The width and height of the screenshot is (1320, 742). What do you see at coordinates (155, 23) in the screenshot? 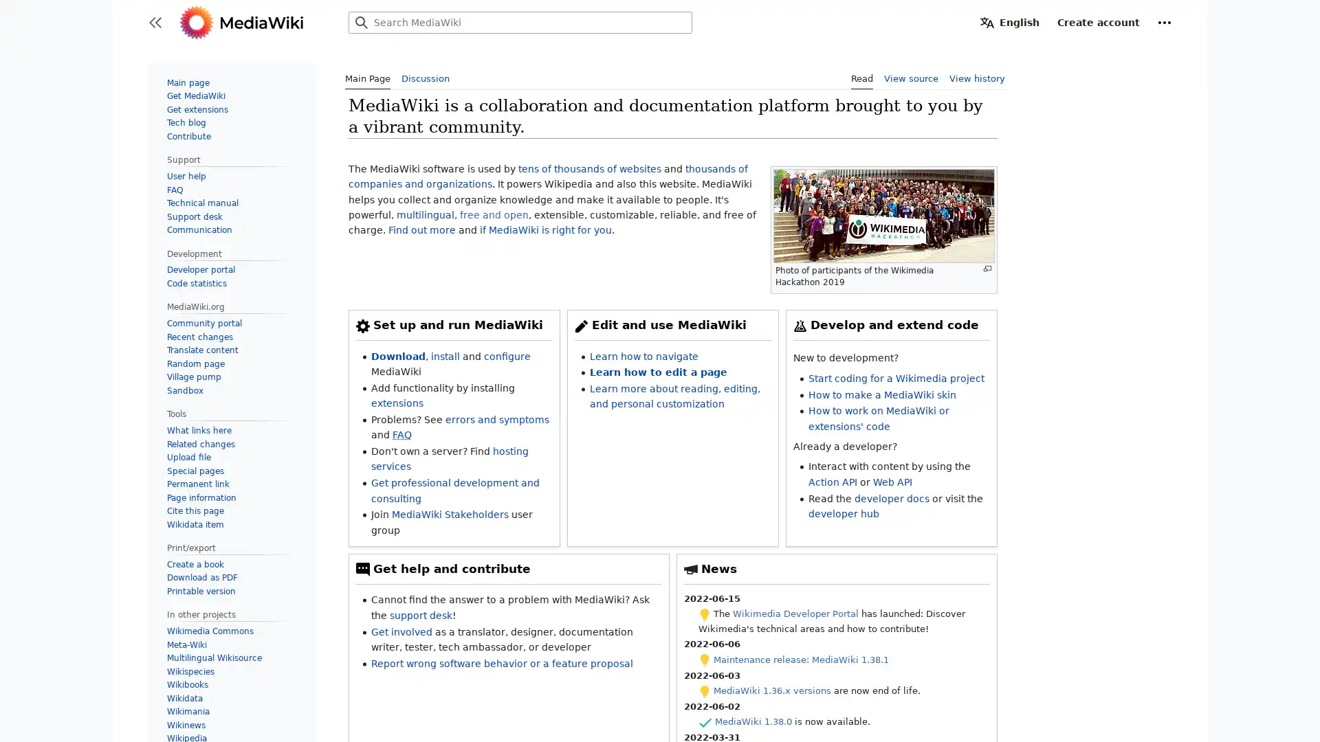
I see `Toggle sidebar` at bounding box center [155, 23].